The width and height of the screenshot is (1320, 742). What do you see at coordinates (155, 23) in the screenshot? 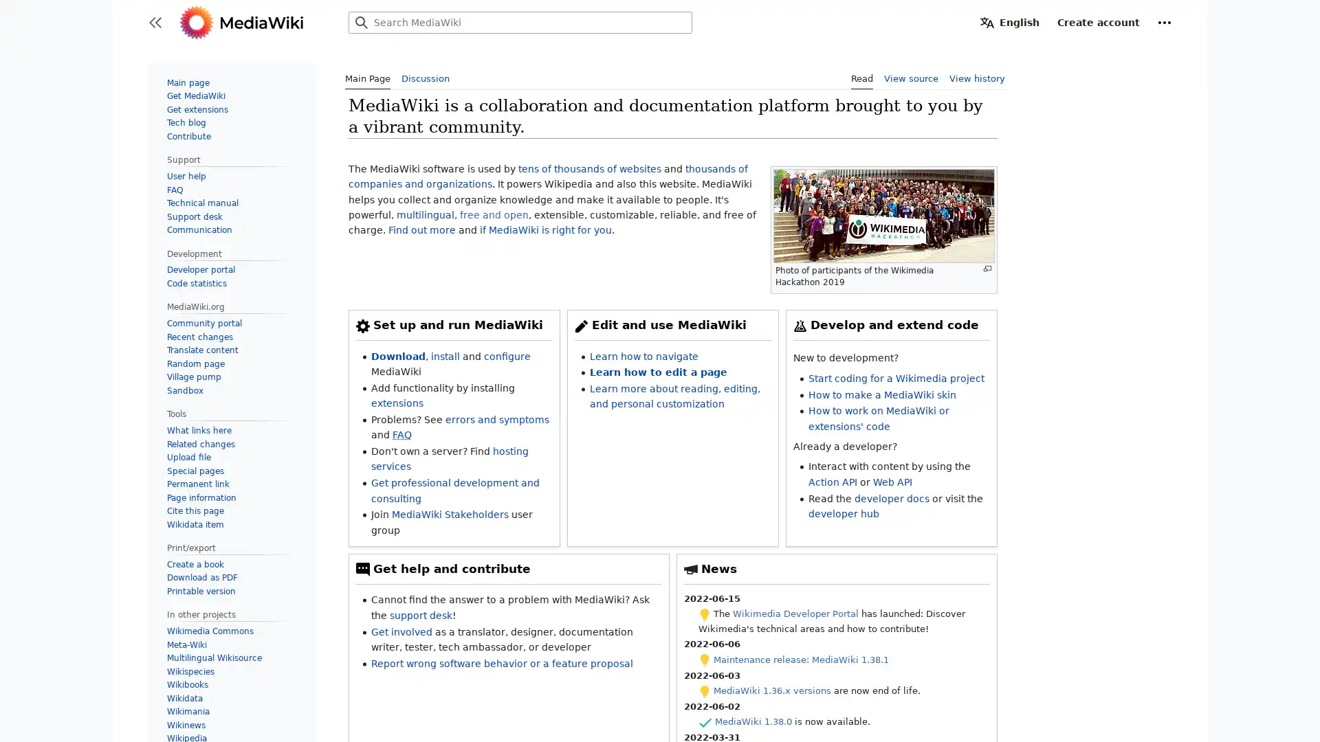
I see `Toggle sidebar` at bounding box center [155, 23].